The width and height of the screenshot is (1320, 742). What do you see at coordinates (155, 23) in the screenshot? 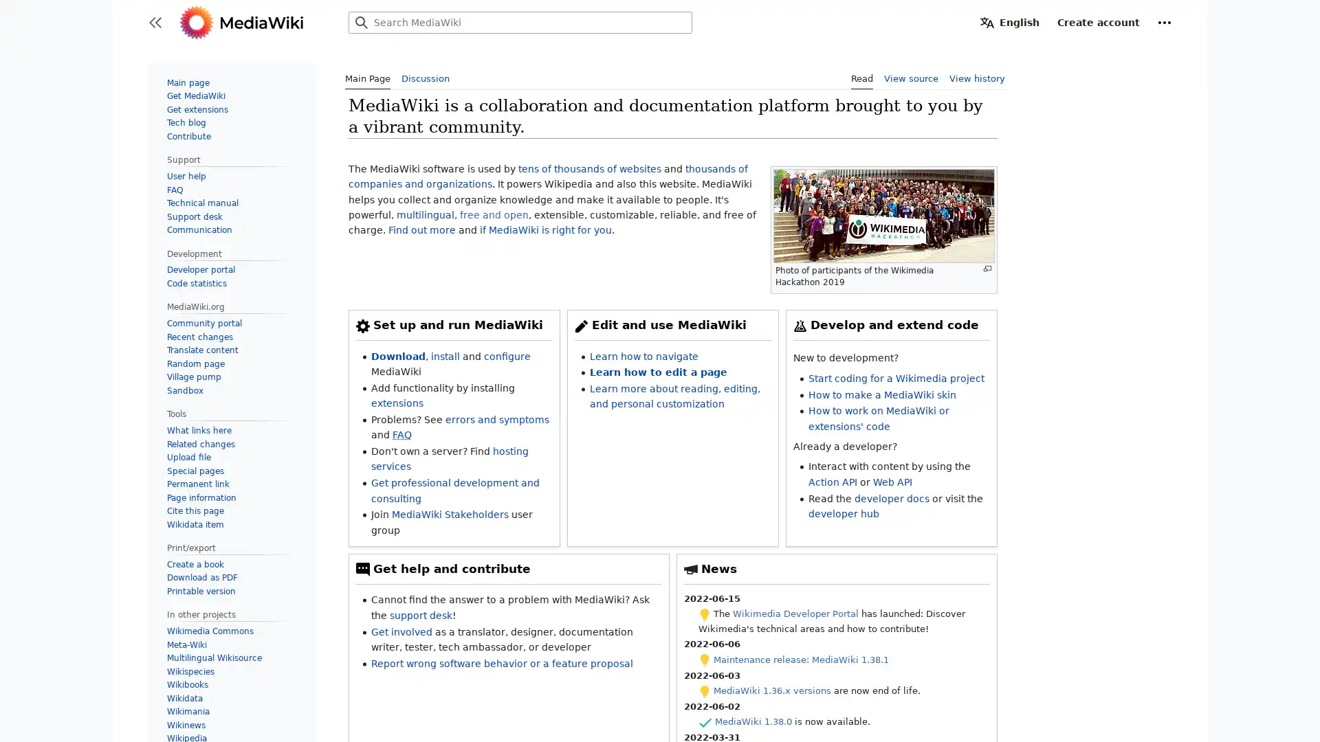
I see `Toggle sidebar` at bounding box center [155, 23].